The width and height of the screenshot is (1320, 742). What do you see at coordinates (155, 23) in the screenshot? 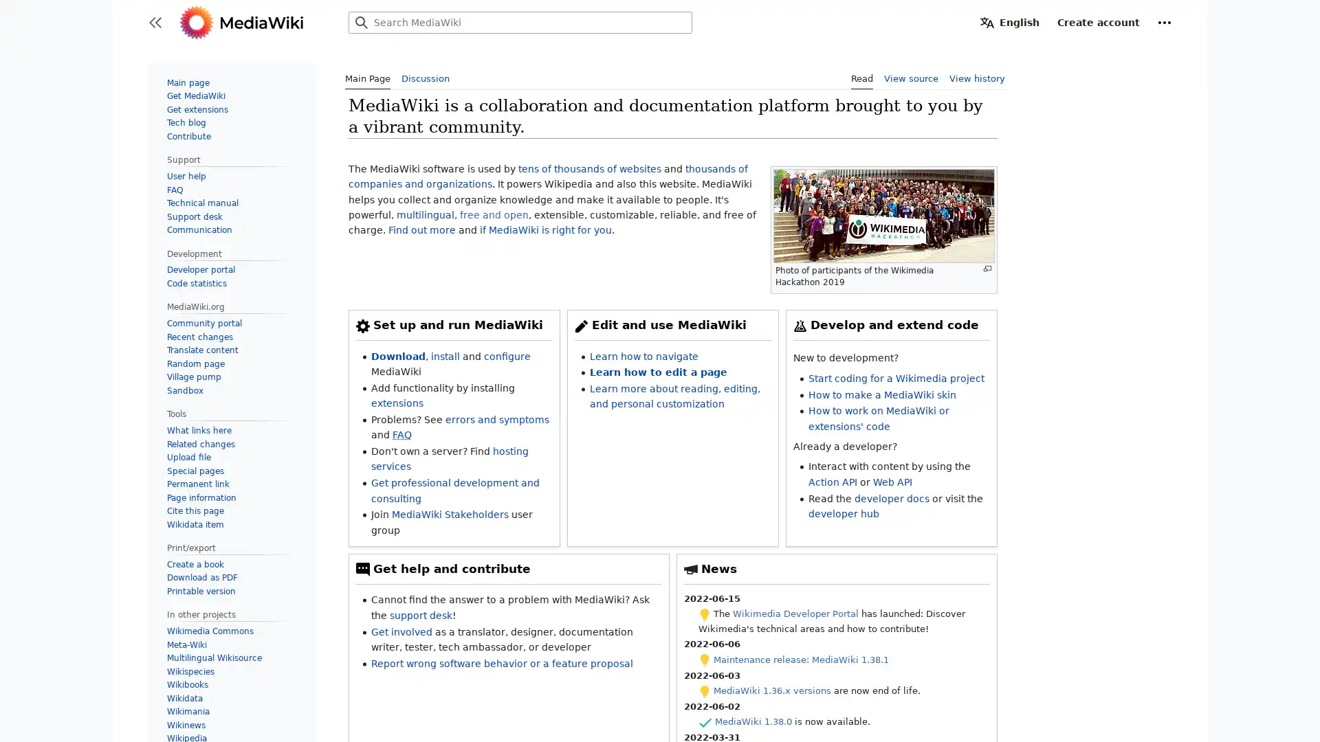
I see `Toggle sidebar` at bounding box center [155, 23].